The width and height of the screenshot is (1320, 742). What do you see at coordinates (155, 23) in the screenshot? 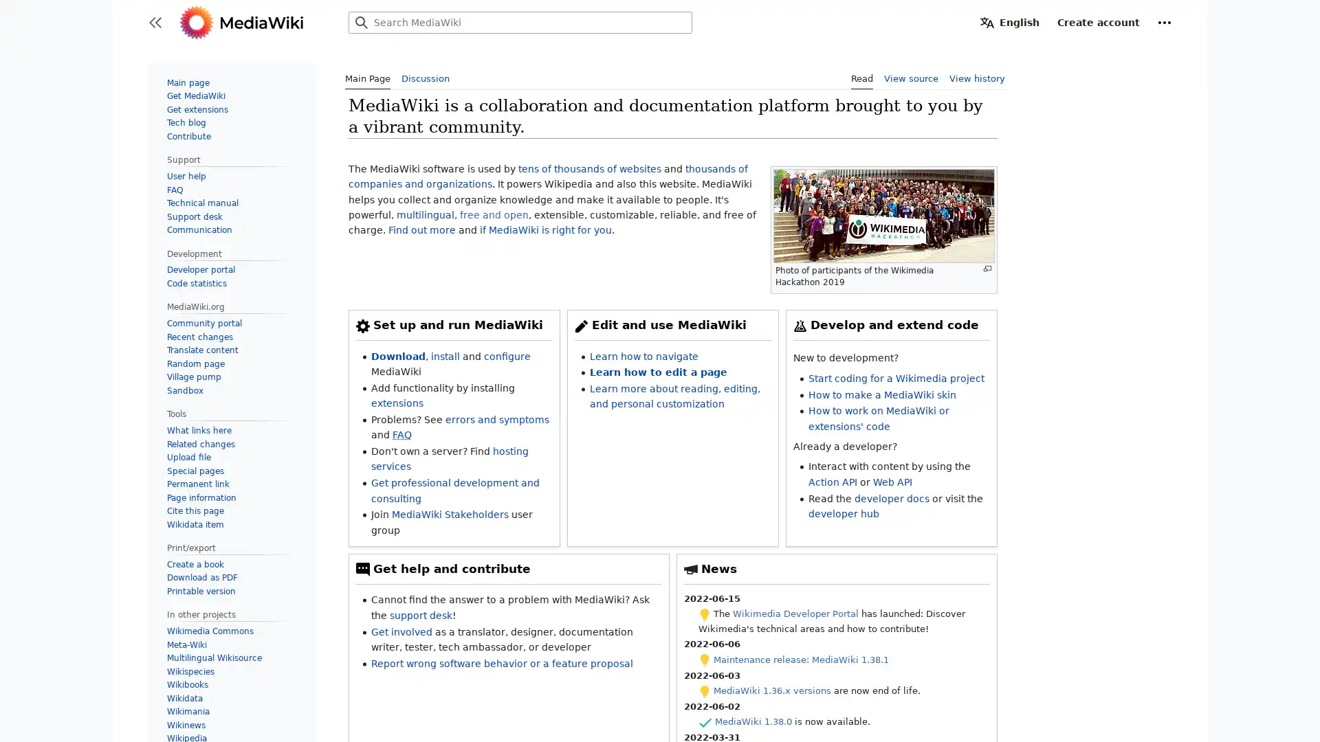
I see `Toggle sidebar` at bounding box center [155, 23].